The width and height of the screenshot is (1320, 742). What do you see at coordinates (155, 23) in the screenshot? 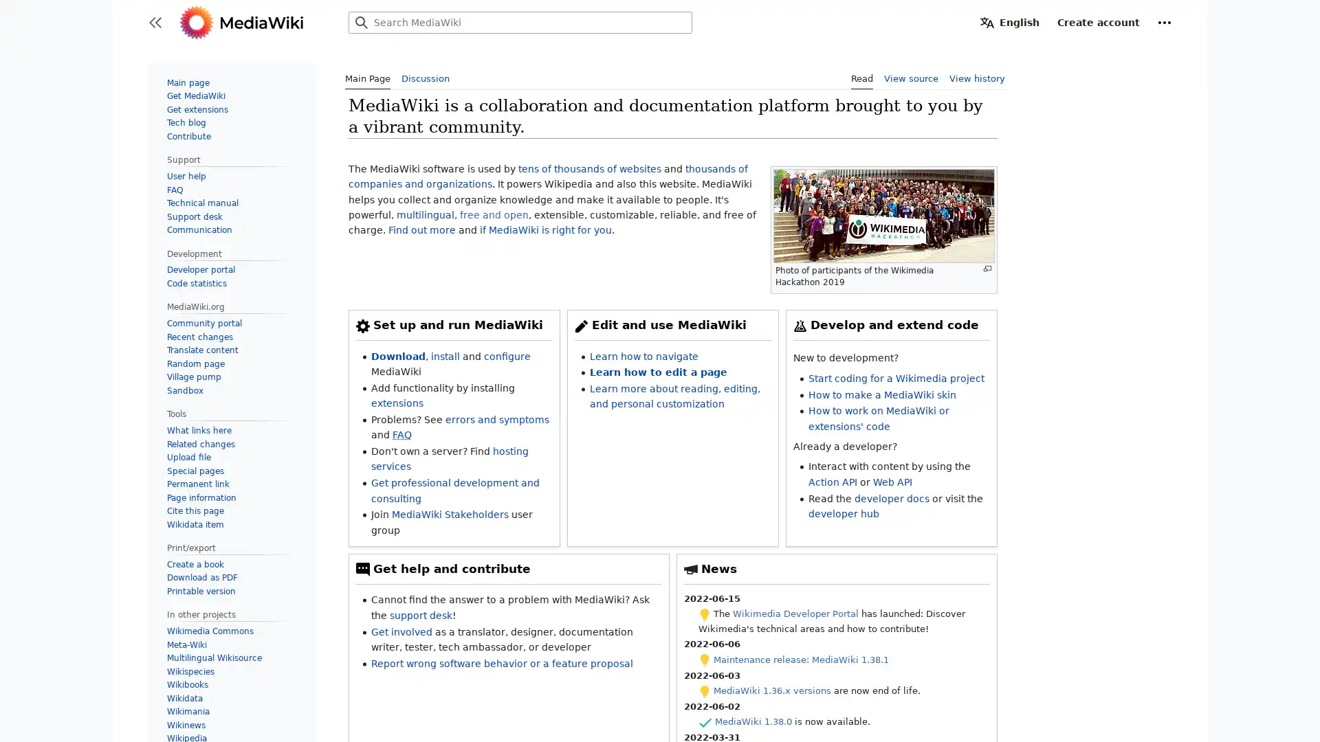
I see `Toggle sidebar` at bounding box center [155, 23].